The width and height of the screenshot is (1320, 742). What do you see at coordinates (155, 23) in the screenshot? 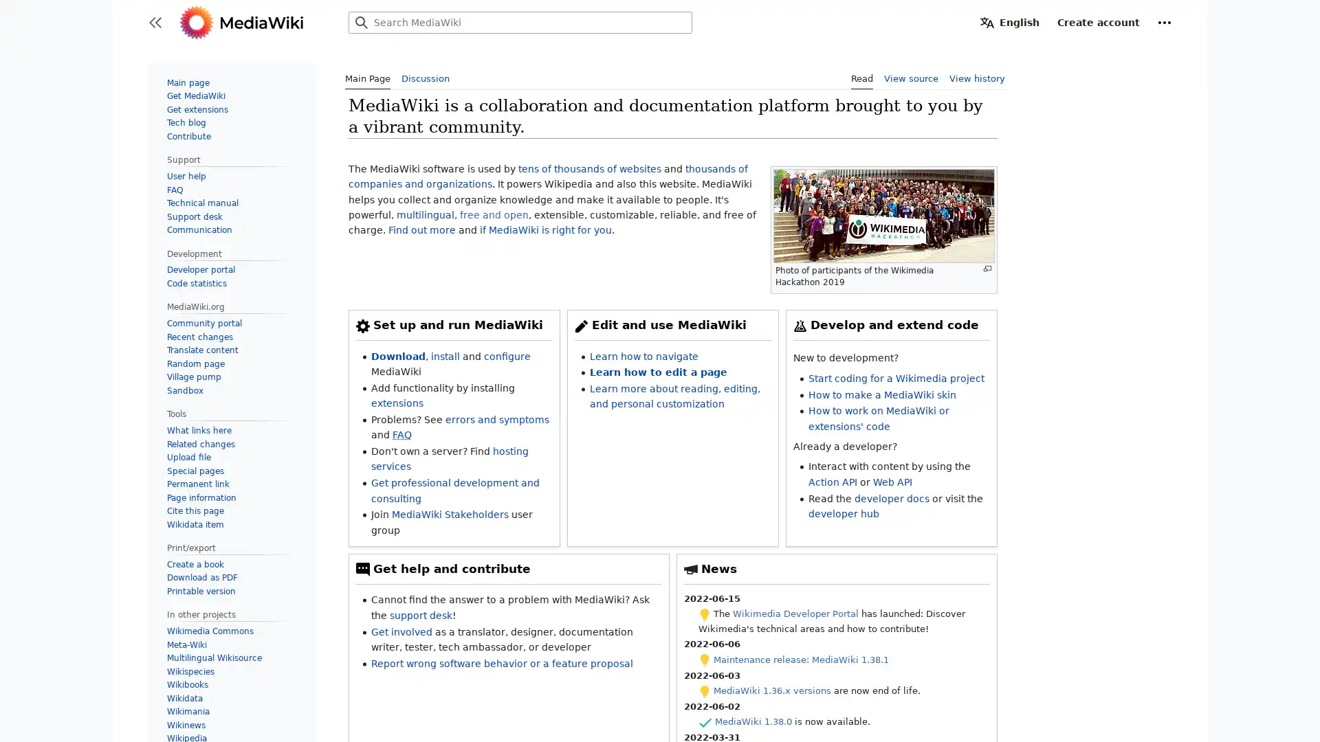
I see `Toggle sidebar` at bounding box center [155, 23].